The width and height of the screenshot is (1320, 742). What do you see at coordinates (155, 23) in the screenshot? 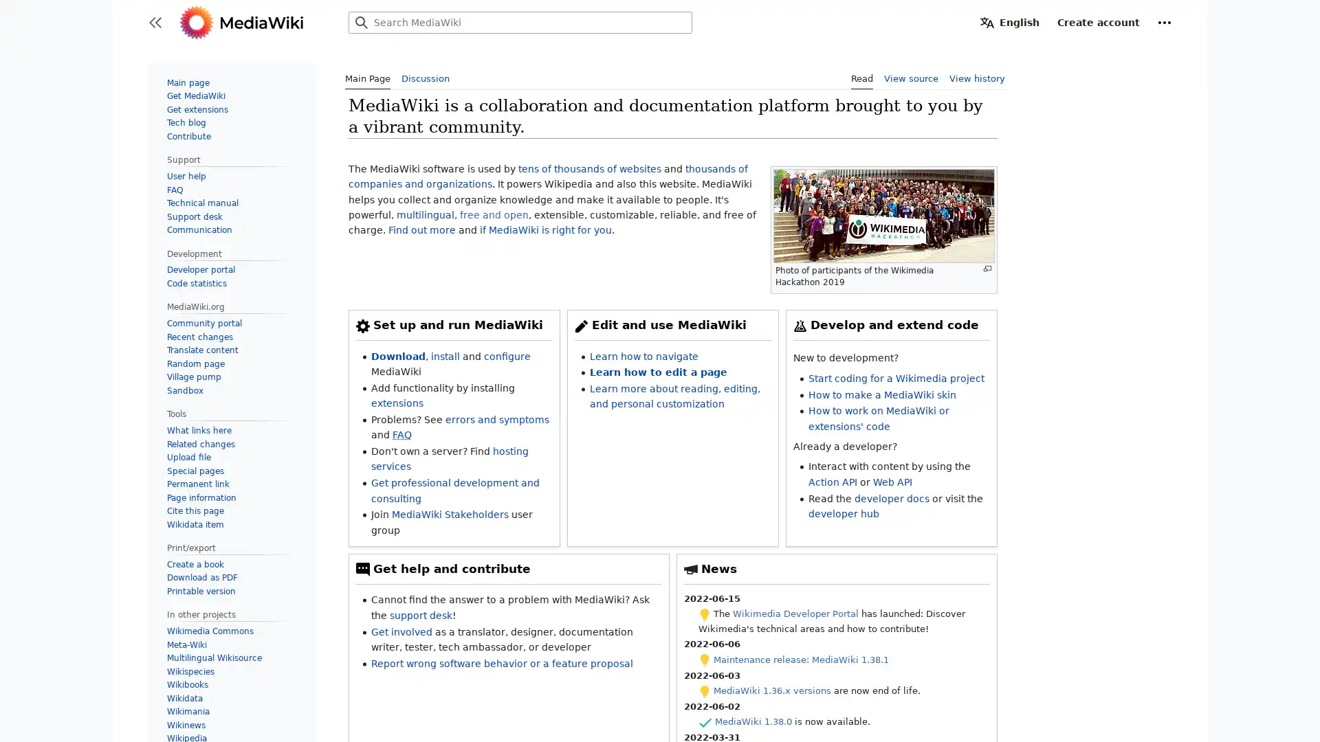
I see `Toggle sidebar` at bounding box center [155, 23].